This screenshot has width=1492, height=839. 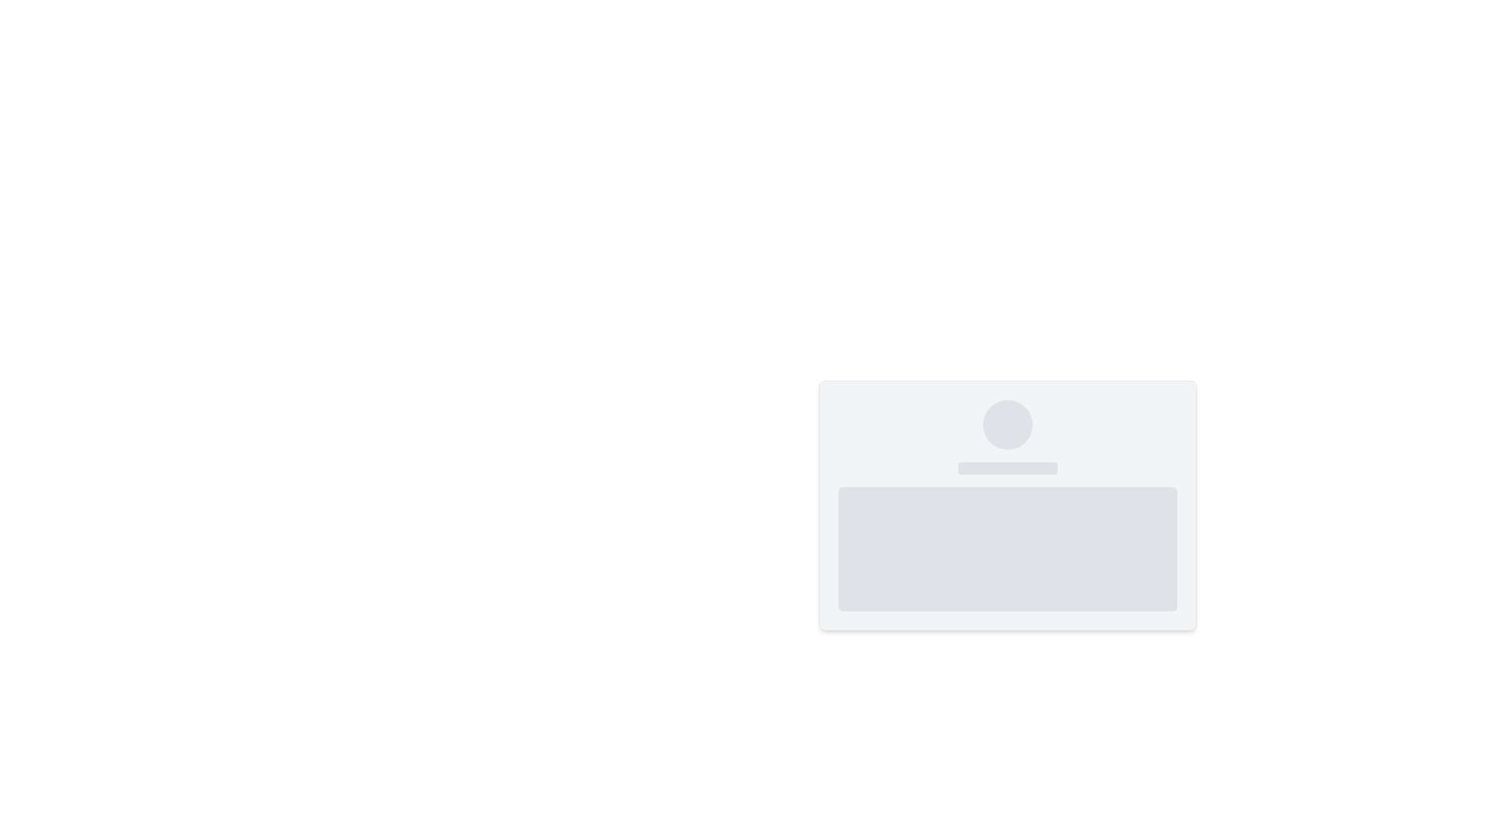 I want to click on the slim horizontal rectangle placeholder with rounded corners, styled in muted gray, located in the middle of three vertically arranged components, so click(x=1007, y=467).